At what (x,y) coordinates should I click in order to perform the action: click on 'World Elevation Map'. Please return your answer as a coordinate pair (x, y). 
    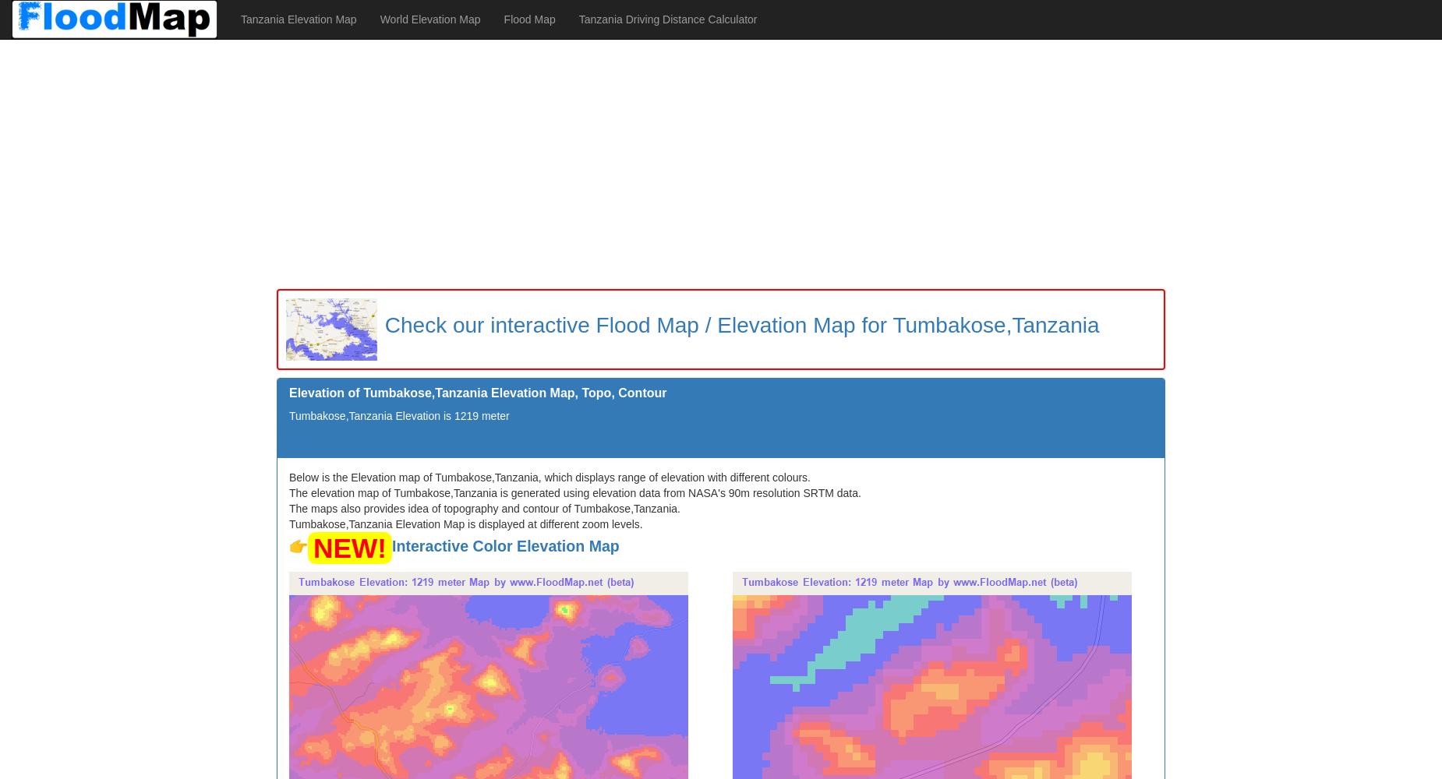
    Looking at the image, I should click on (429, 19).